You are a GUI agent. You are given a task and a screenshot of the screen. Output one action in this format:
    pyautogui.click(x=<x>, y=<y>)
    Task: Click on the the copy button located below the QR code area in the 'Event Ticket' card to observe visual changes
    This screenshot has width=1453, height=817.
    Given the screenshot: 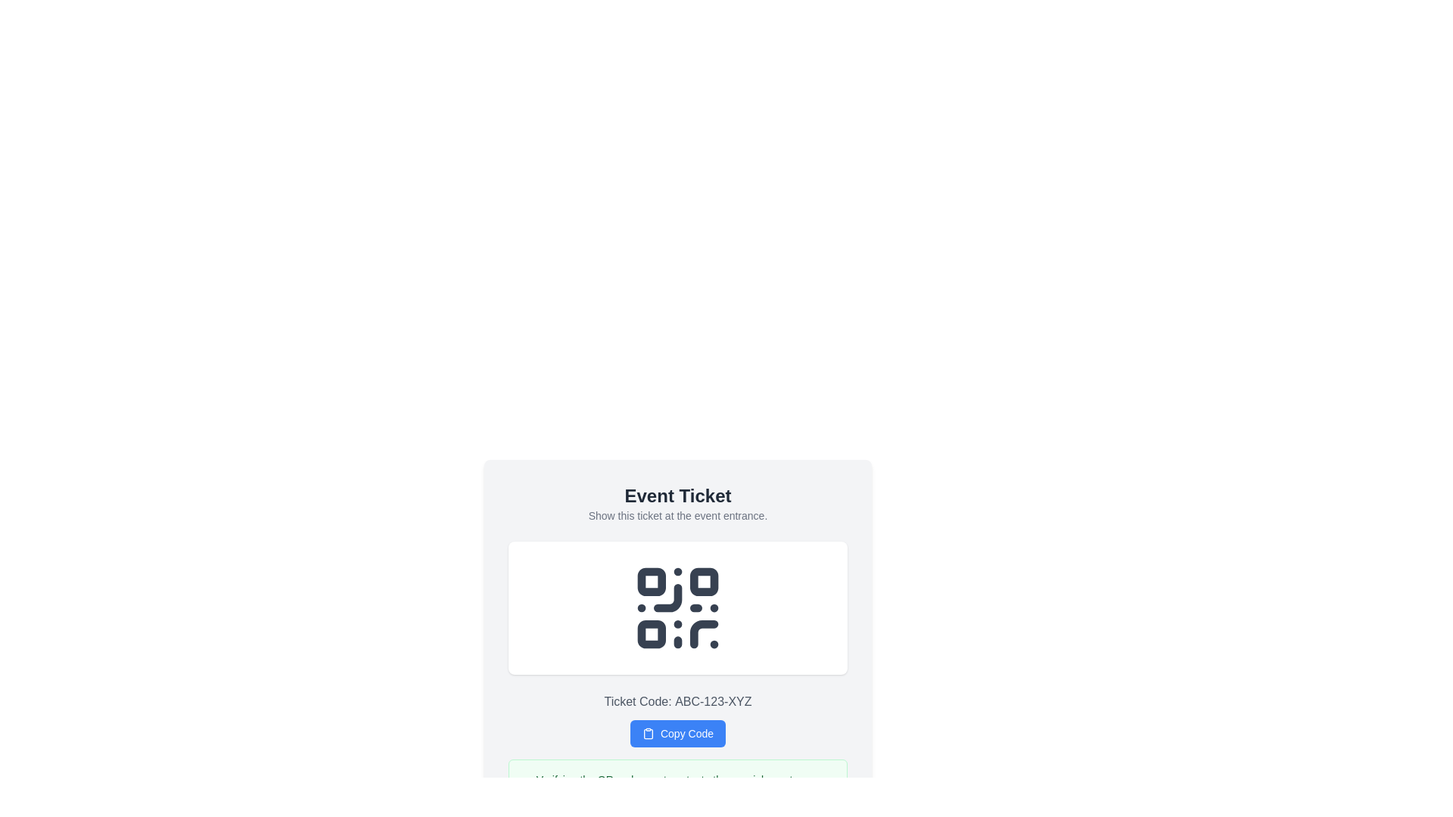 What is the action you would take?
    pyautogui.click(x=677, y=719)
    